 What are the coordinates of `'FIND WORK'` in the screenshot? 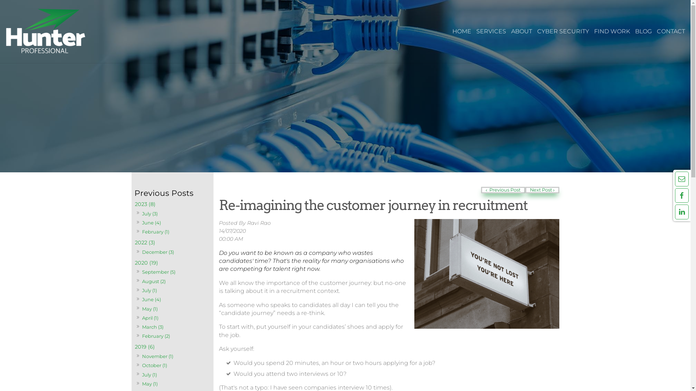 It's located at (612, 31).